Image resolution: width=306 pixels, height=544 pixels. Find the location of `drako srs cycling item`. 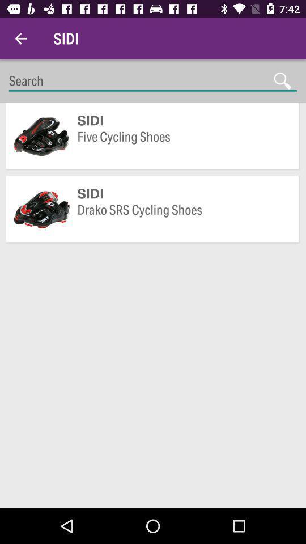

drako srs cycling item is located at coordinates (182, 218).